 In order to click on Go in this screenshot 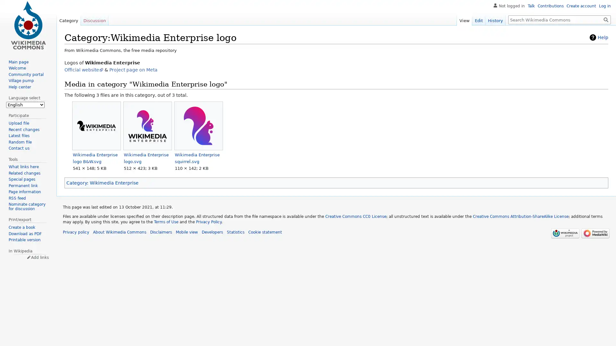, I will do `click(606, 19)`.